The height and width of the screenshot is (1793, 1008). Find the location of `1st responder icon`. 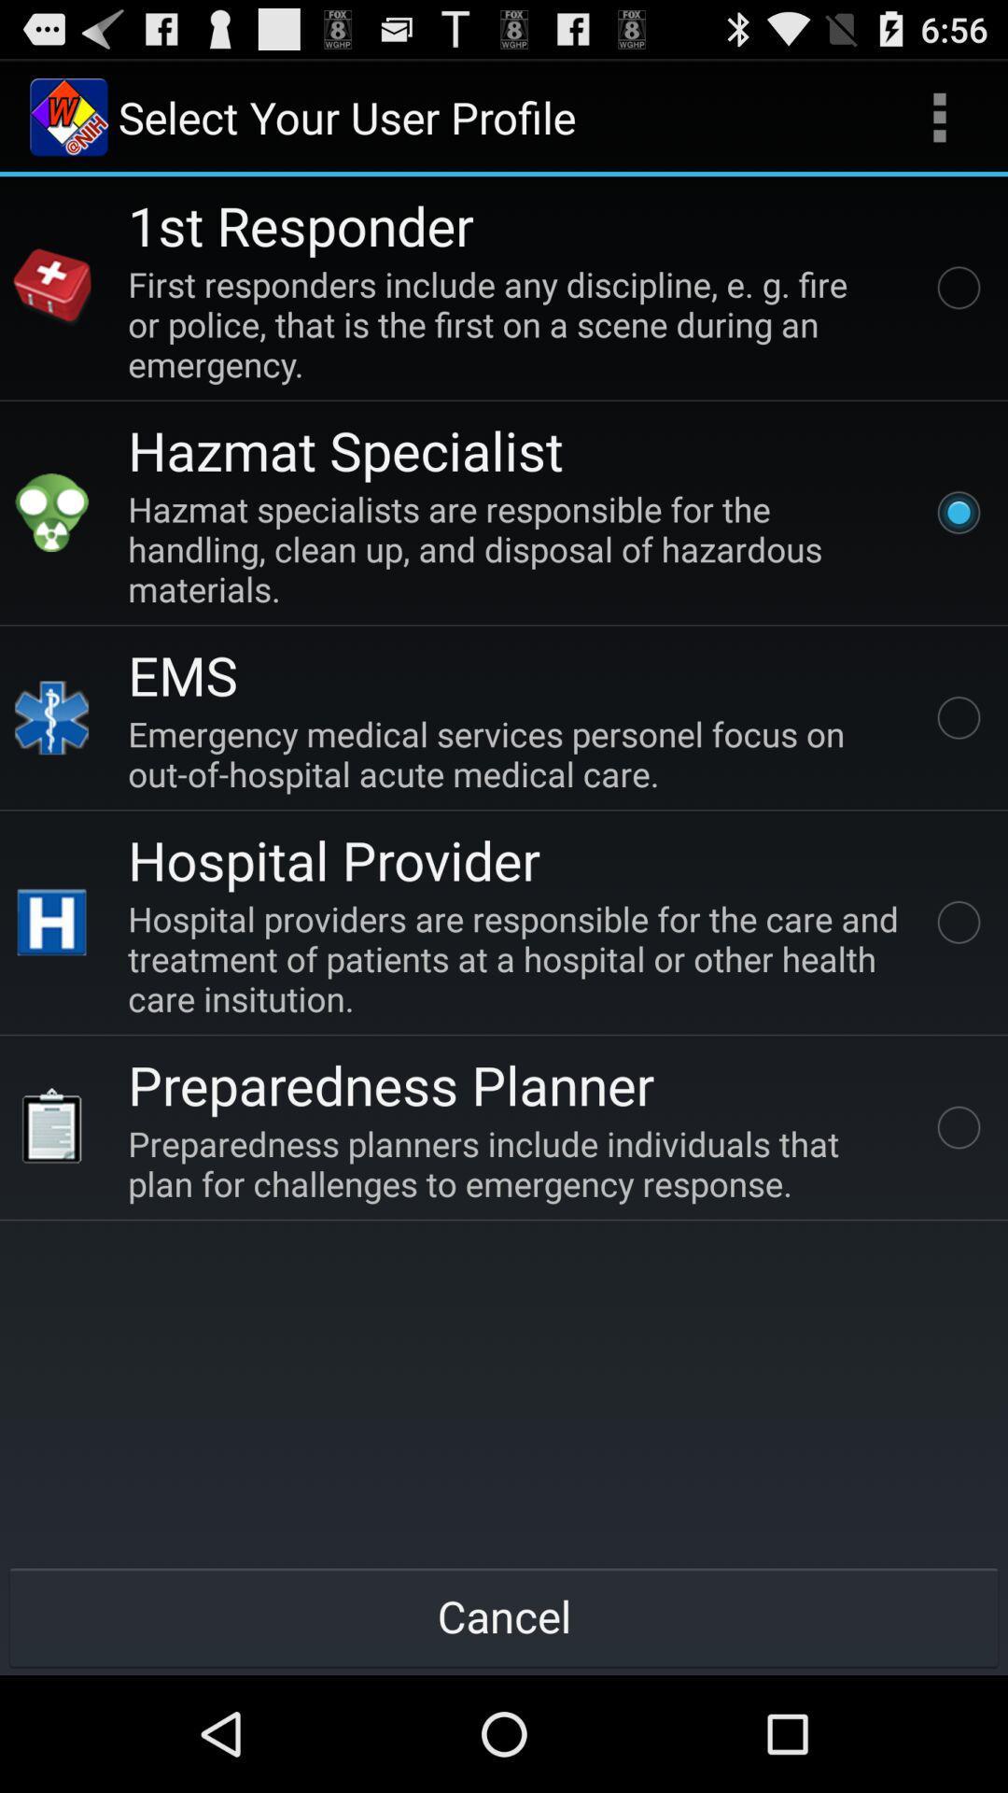

1st responder icon is located at coordinates (300, 224).